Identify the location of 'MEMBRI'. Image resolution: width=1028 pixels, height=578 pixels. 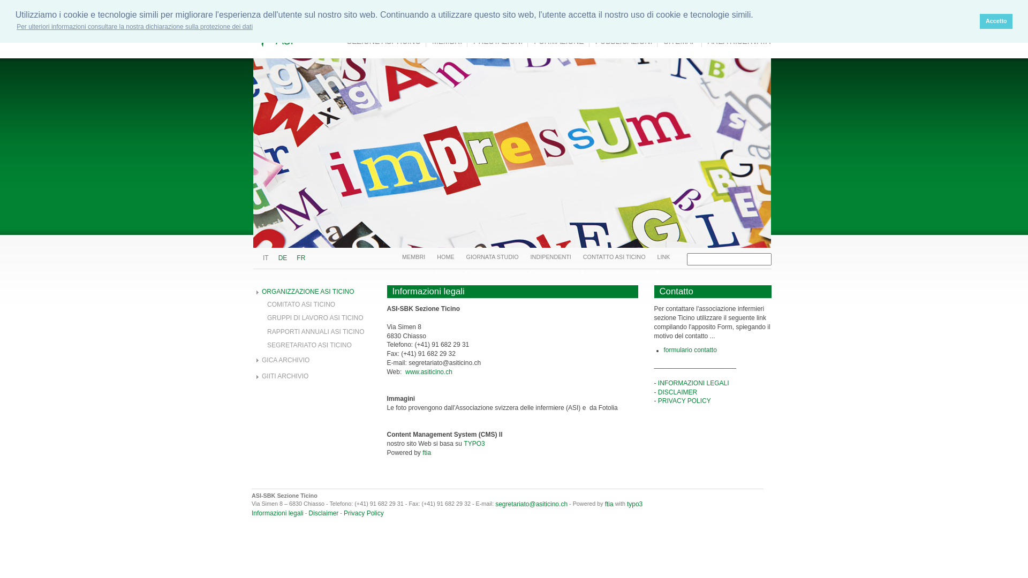
(447, 41).